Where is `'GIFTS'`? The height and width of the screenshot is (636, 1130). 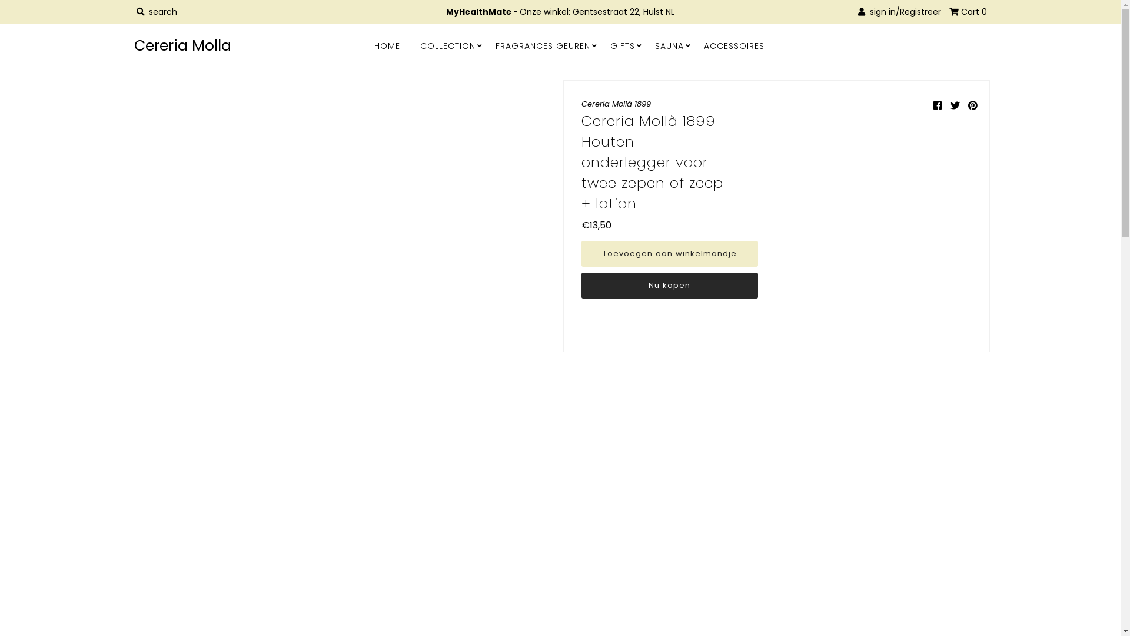
'GIFTS' is located at coordinates (621, 45).